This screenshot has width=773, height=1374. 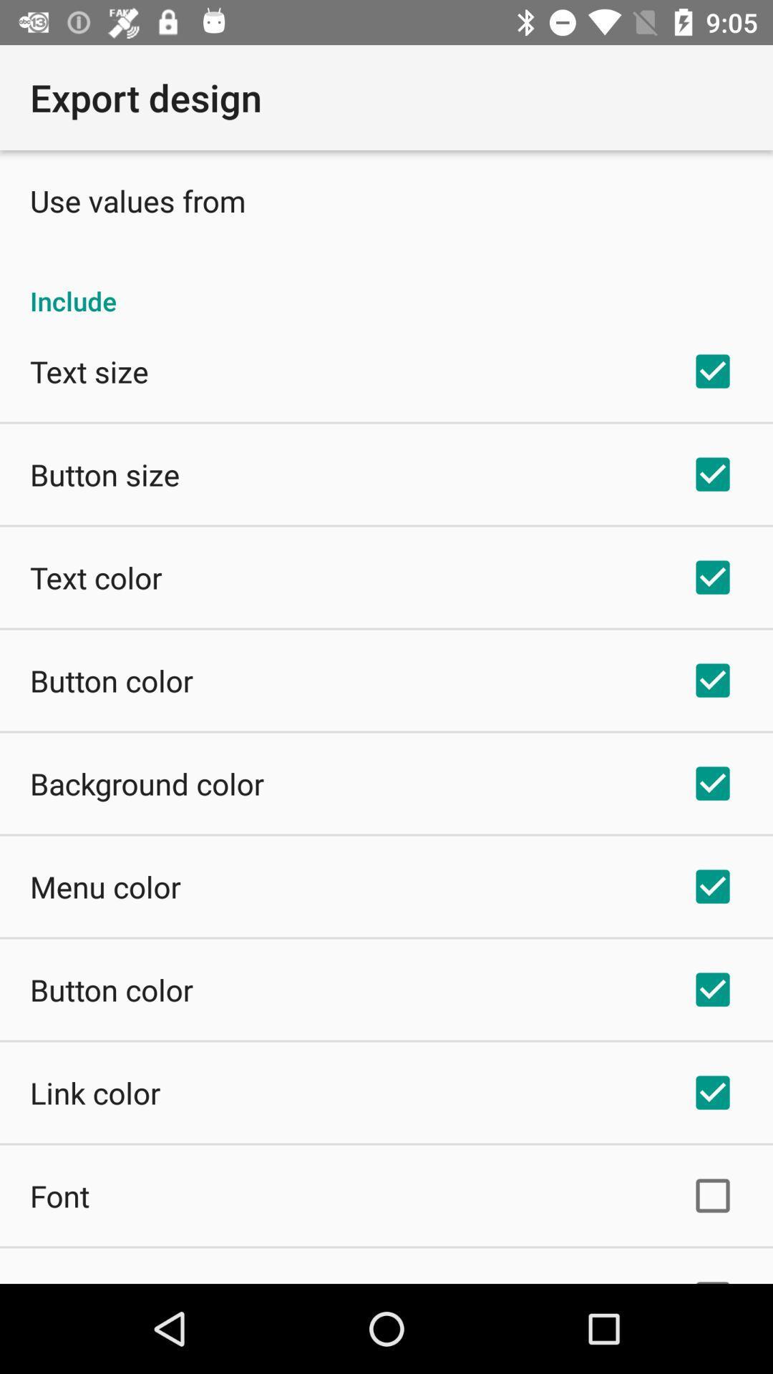 I want to click on the icon below button size app, so click(x=96, y=577).